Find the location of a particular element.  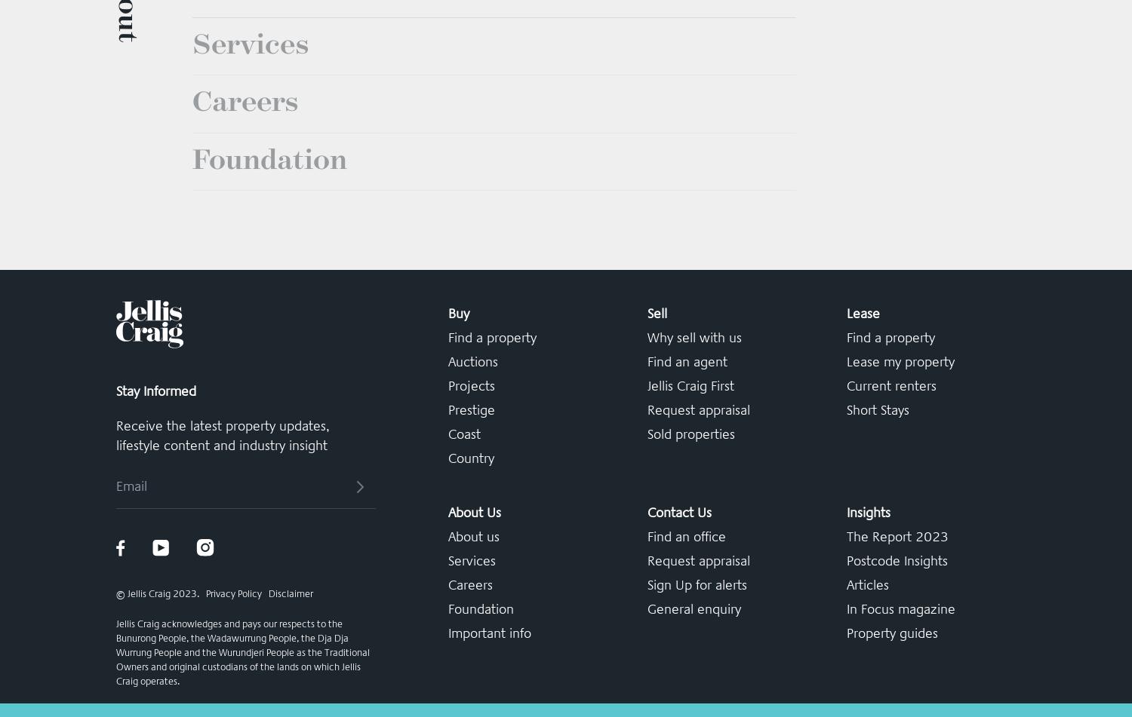

'Services' is located at coordinates (249, 276).